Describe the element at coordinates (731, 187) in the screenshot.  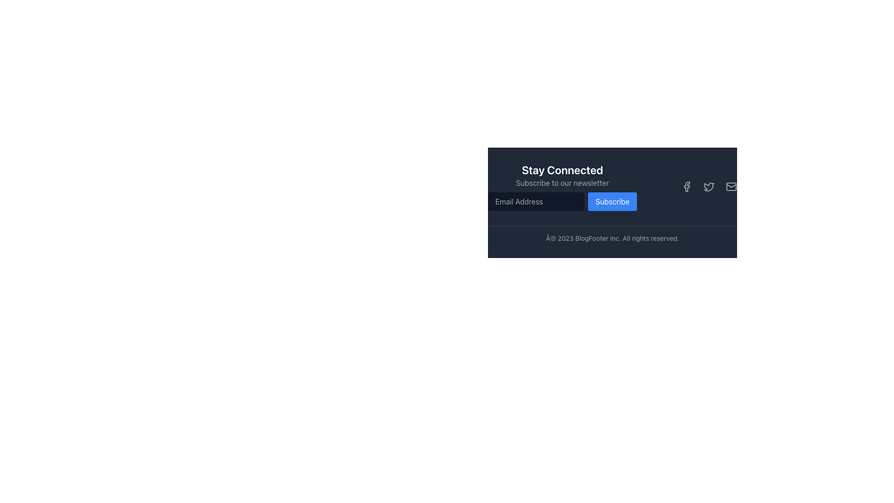
I see `the envelope icon in the SVG that represents electronic mail, located on the far right of the footer section containing social media icons` at that location.